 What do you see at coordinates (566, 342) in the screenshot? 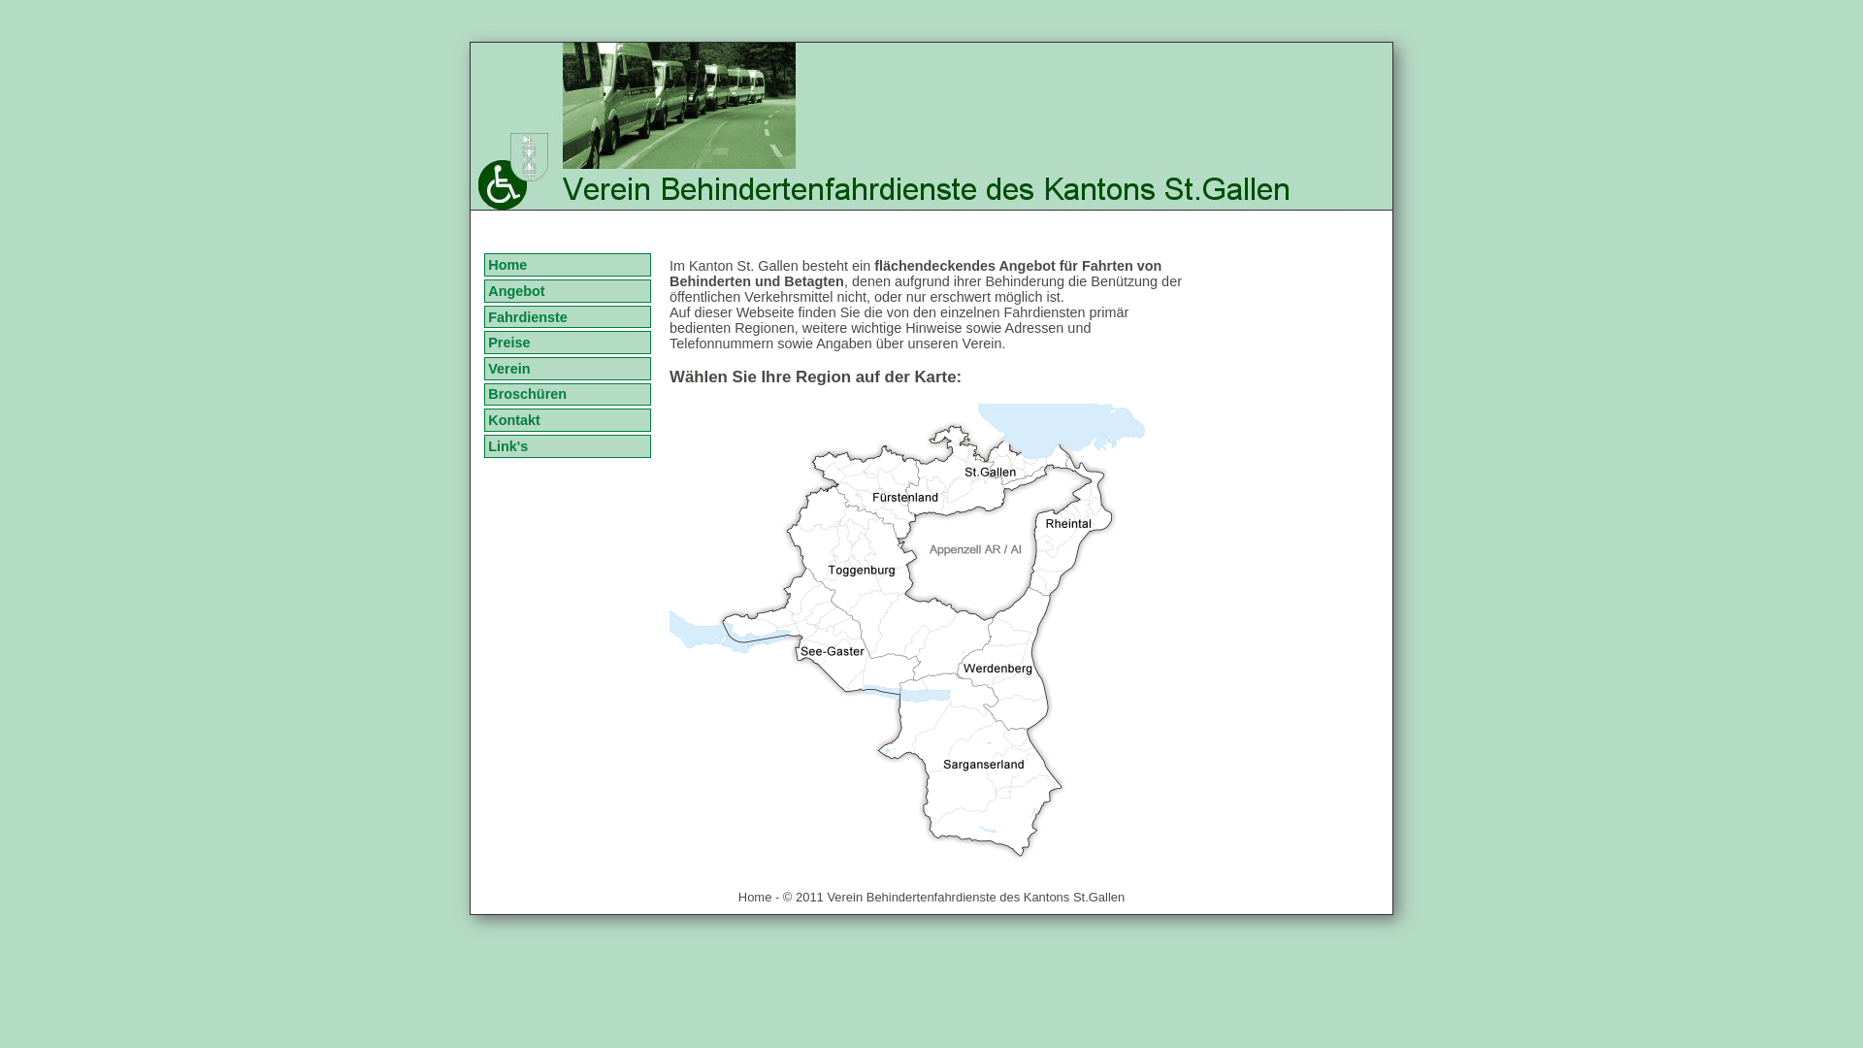
I see `'Preise'` at bounding box center [566, 342].